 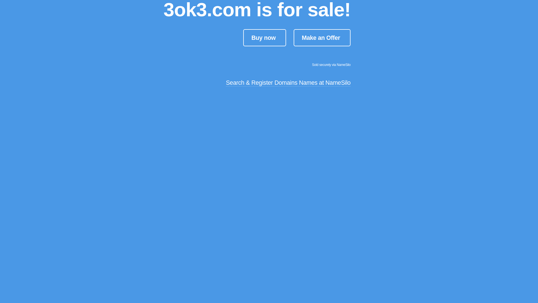 I want to click on 'Search & Register Domains Names at NameSilo', so click(x=288, y=83).